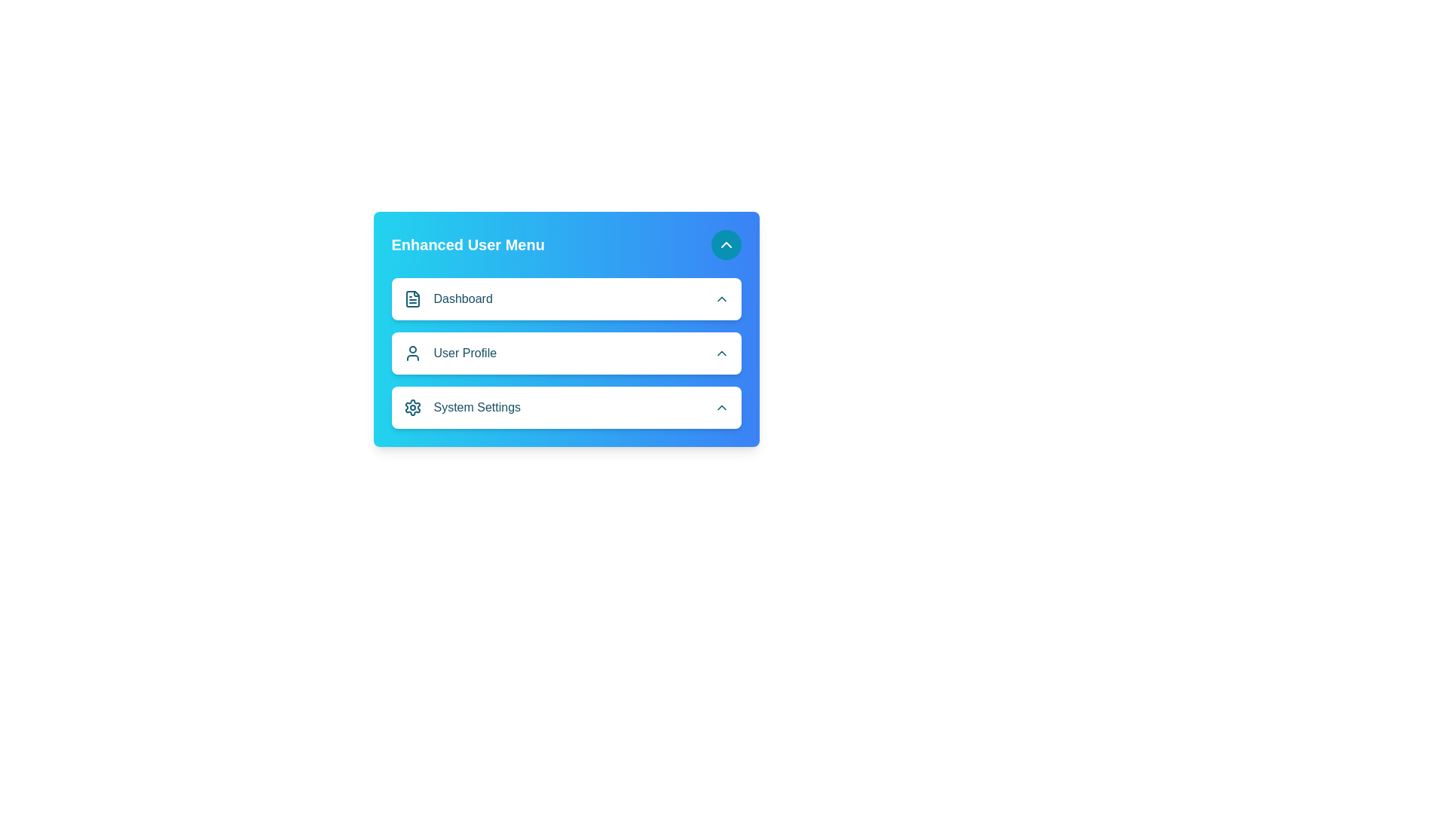 This screenshot has height=814, width=1447. Describe the element at coordinates (412, 407) in the screenshot. I see `the gear icon with a cyan color outline situated to the left of the 'System Settings' text label in the 'Enhanced User Menu' interface` at that location.